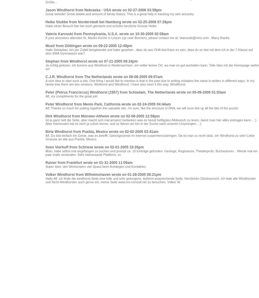 The width and height of the screenshot is (259, 298). What do you see at coordinates (150, 122) in the screenshot?
I see `'Ist ja ganz nett die Seite, aber macht sich mal jemand Gedanken was es heisst heftigstes Altdeutsch zu lesen, damit man hier alles eintragen kann... ;) Aber Interessiert hat es mich ja schon immer, und so fahren wir fort in der Suche nach unseren Ursprüngen... ;)'` at bounding box center [150, 122].